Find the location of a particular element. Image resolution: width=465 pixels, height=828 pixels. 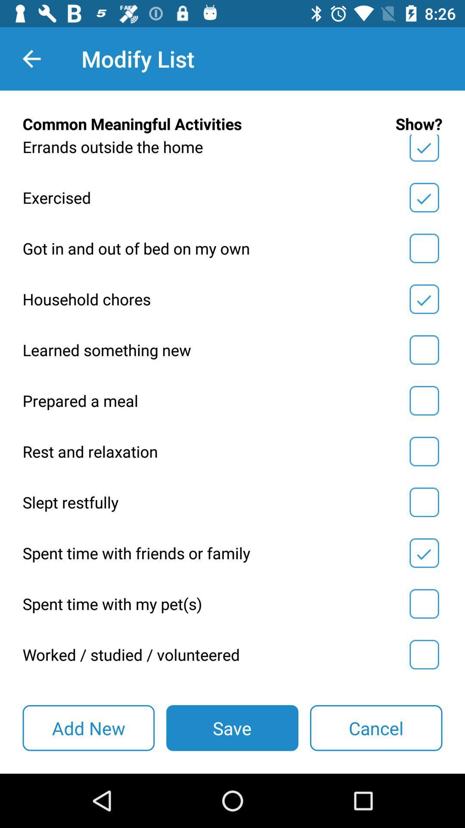

show option is located at coordinates (424, 150).